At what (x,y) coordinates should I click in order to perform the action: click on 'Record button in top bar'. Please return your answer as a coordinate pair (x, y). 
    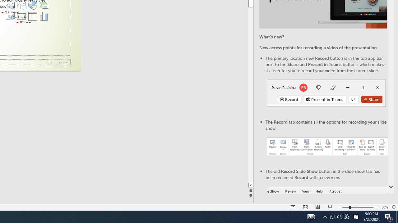
    Looking at the image, I should click on (326, 93).